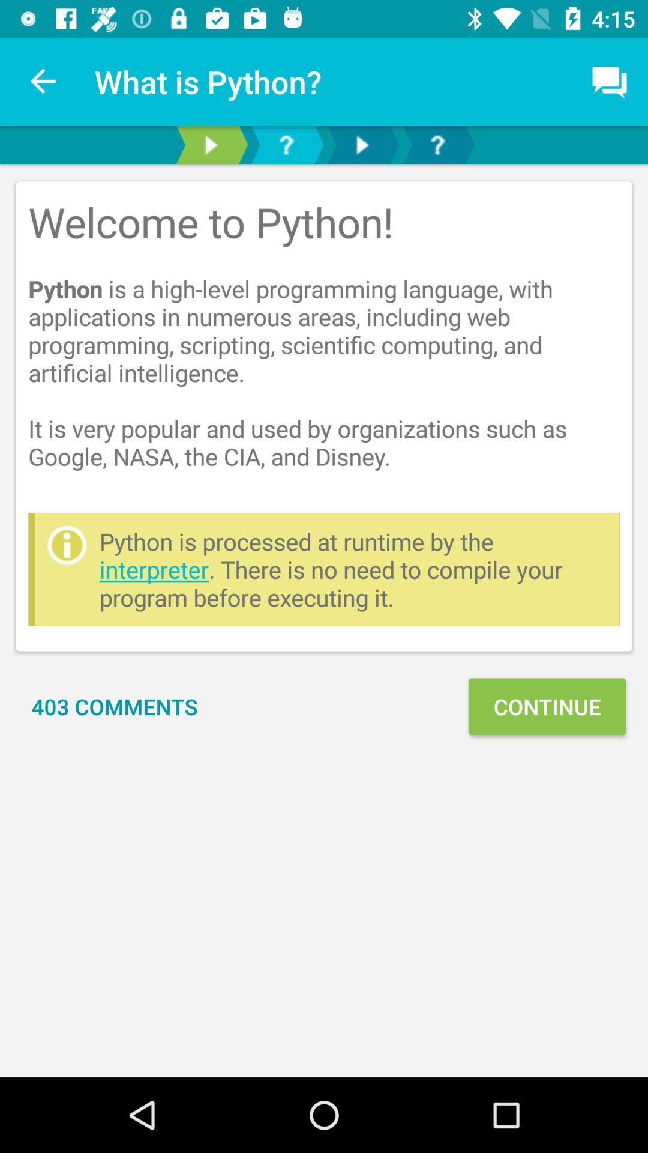 This screenshot has width=648, height=1153. What do you see at coordinates (437, 144) in the screenshot?
I see `get help` at bounding box center [437, 144].